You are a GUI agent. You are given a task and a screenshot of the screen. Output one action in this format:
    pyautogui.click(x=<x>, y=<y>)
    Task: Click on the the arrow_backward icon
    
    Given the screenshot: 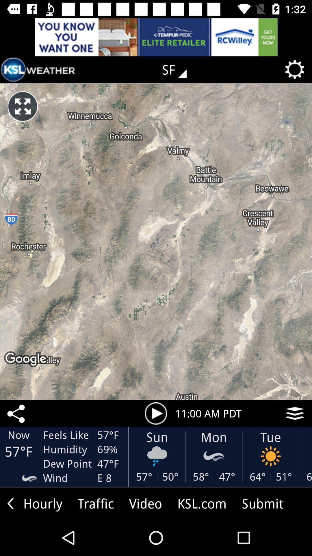 What is the action you would take?
    pyautogui.click(x=10, y=503)
    